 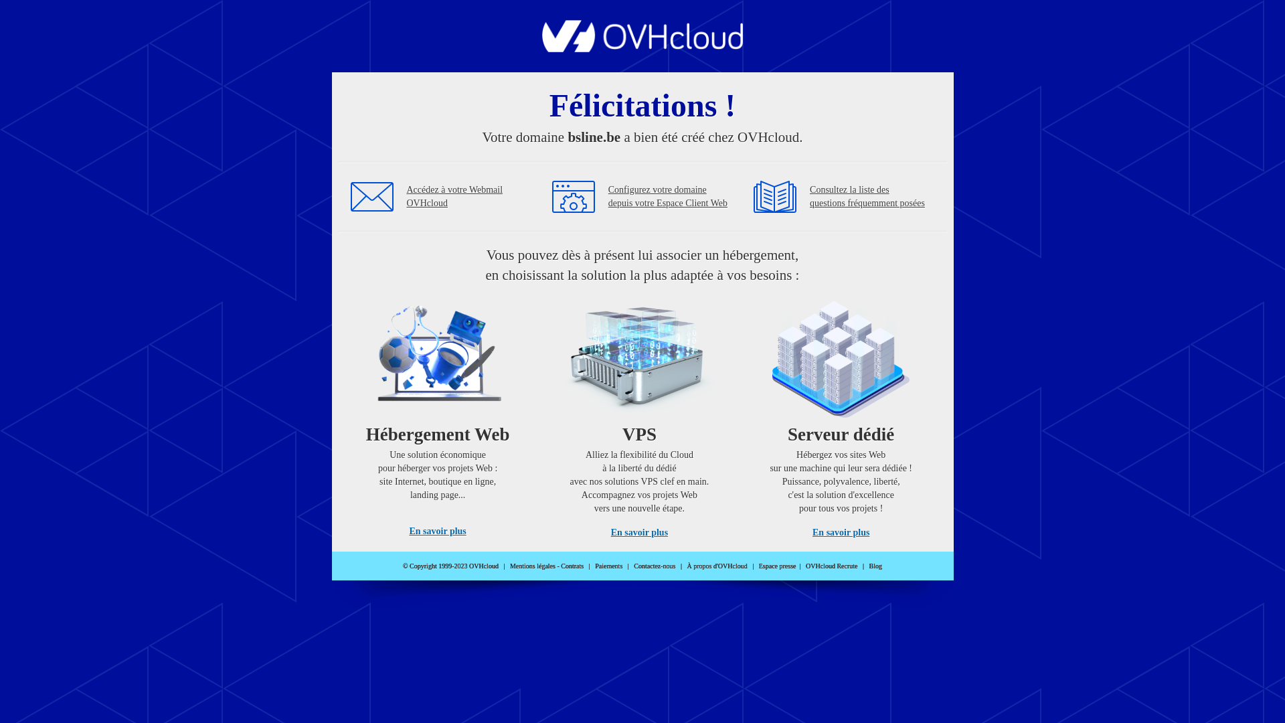 I want to click on 'Blog', so click(x=875, y=566).